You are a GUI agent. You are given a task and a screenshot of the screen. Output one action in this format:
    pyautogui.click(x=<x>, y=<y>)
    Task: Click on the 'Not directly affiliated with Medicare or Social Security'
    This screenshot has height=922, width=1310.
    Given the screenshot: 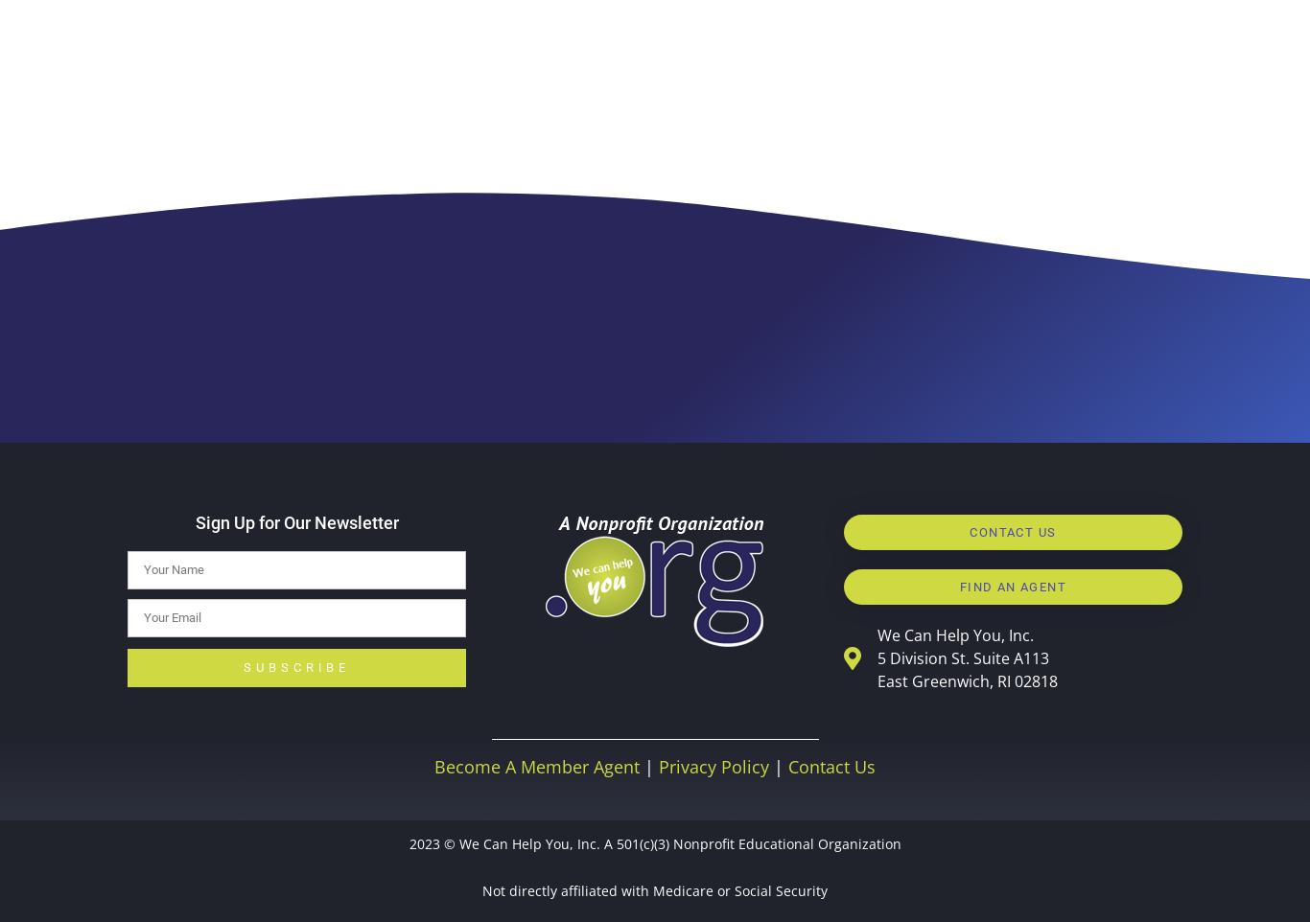 What is the action you would take?
    pyautogui.click(x=655, y=890)
    